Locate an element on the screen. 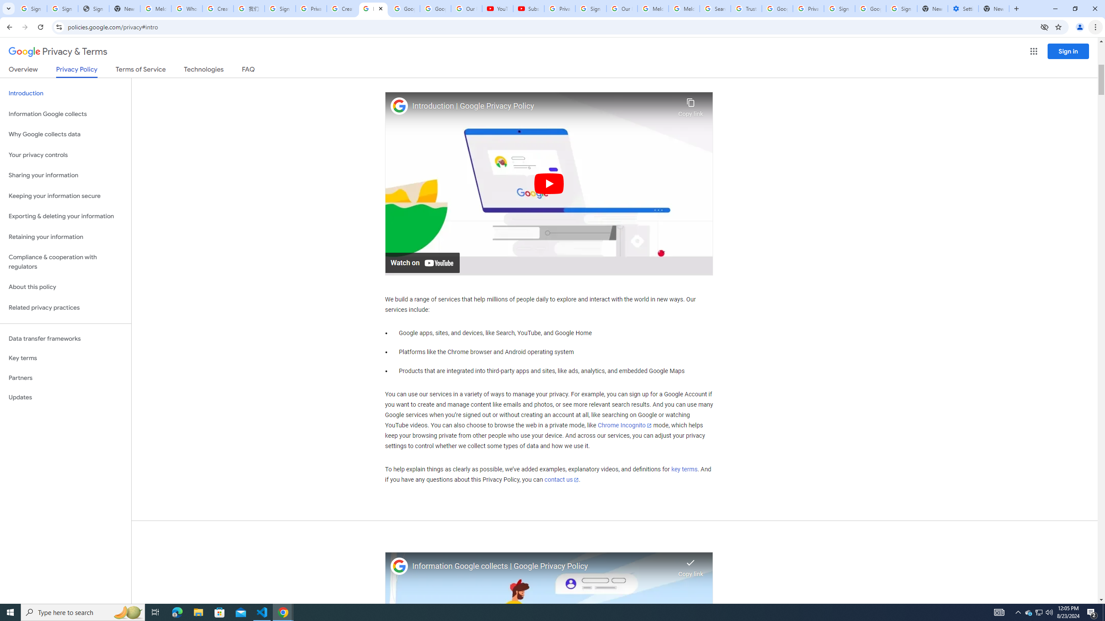 This screenshot has height=621, width=1105. 'Your privacy controls' is located at coordinates (65, 155).